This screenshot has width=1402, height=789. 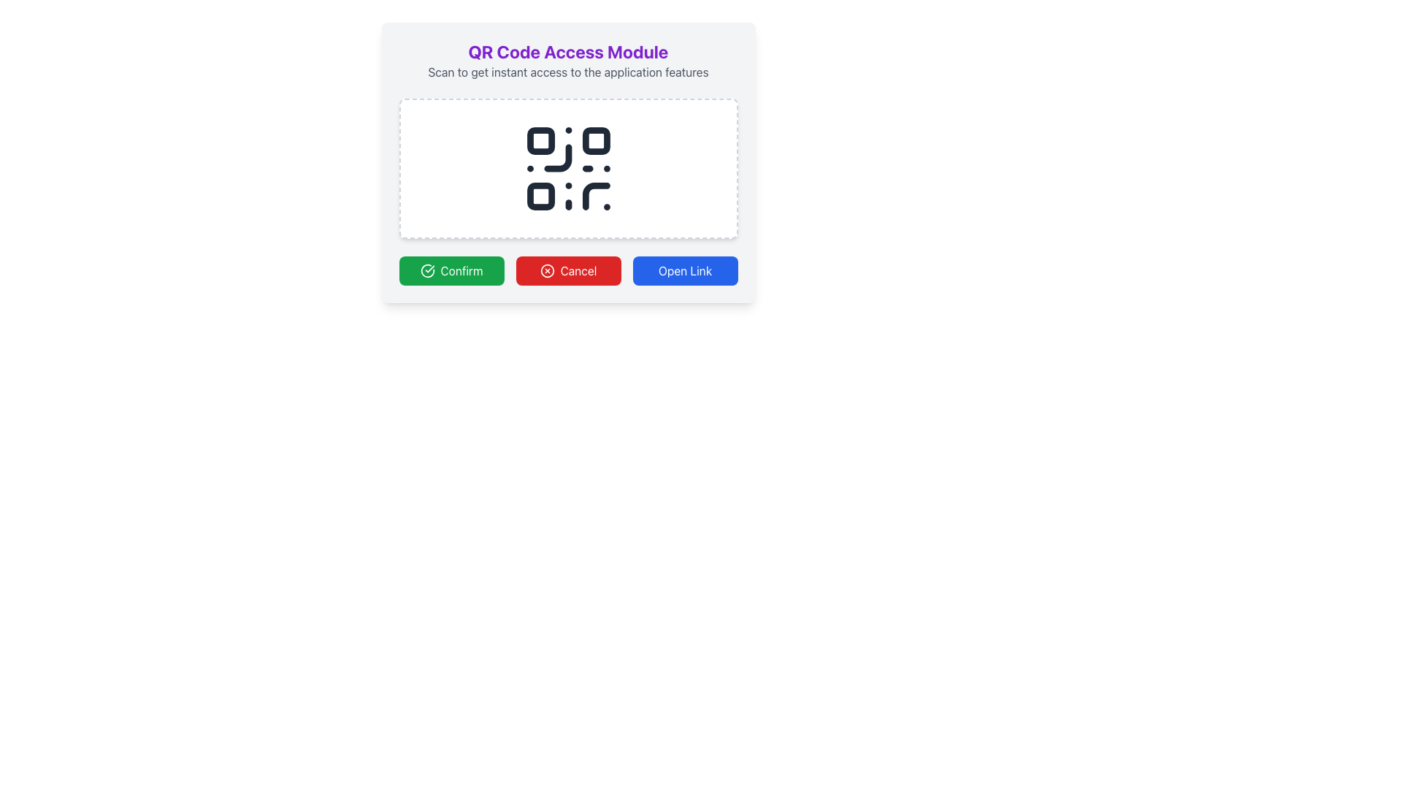 I want to click on the static text label displaying the phrase 'Scan to get instant access to the application features', which is styled in gray and positioned below the header 'QR Code Access Module', so click(x=567, y=72).